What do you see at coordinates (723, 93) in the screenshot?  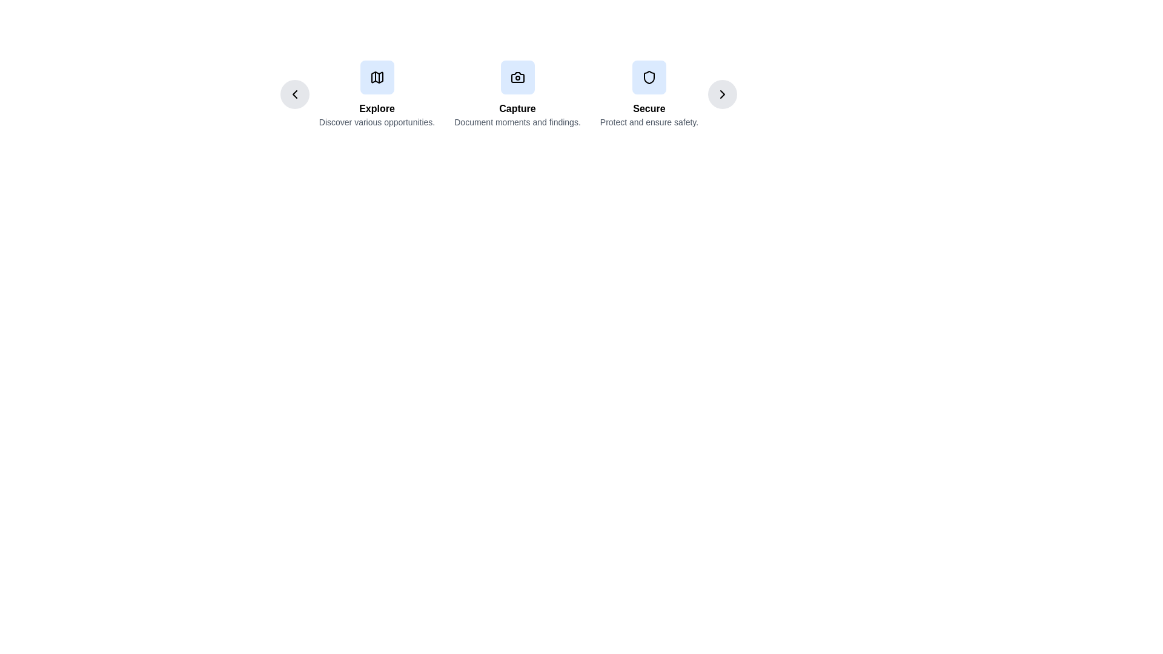 I see `the small right-pointing chevron icon with a black outline located within the light-gray circular button` at bounding box center [723, 93].